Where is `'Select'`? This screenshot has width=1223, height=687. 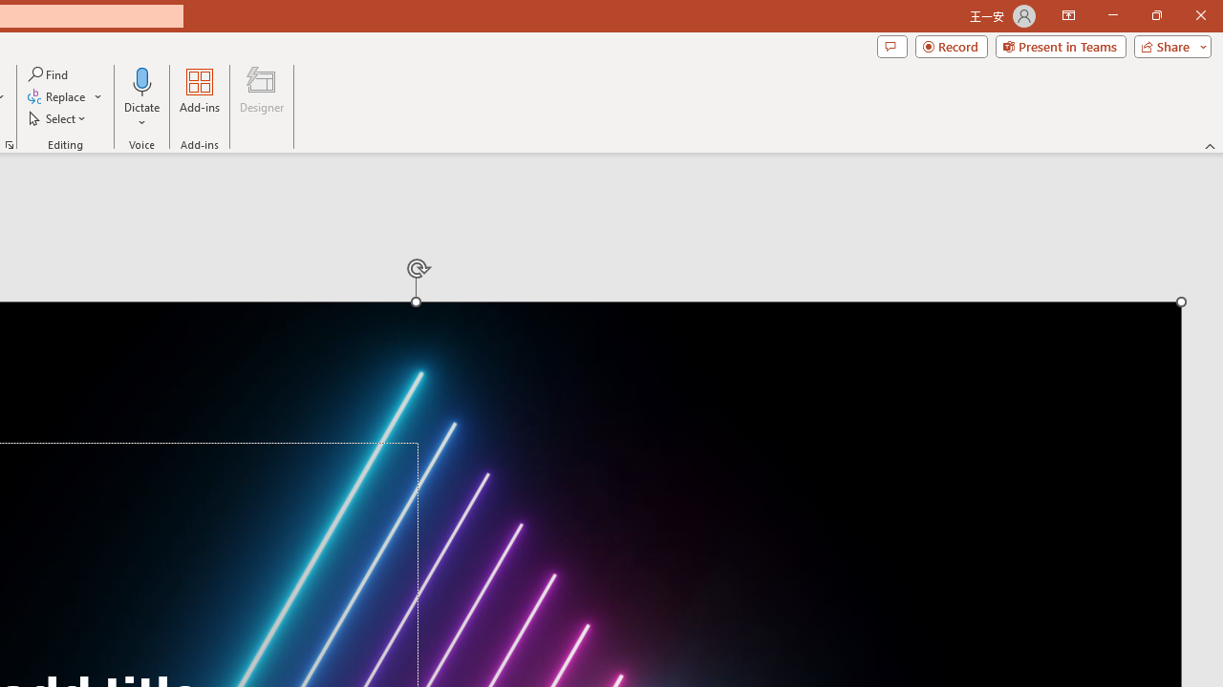 'Select' is located at coordinates (58, 118).